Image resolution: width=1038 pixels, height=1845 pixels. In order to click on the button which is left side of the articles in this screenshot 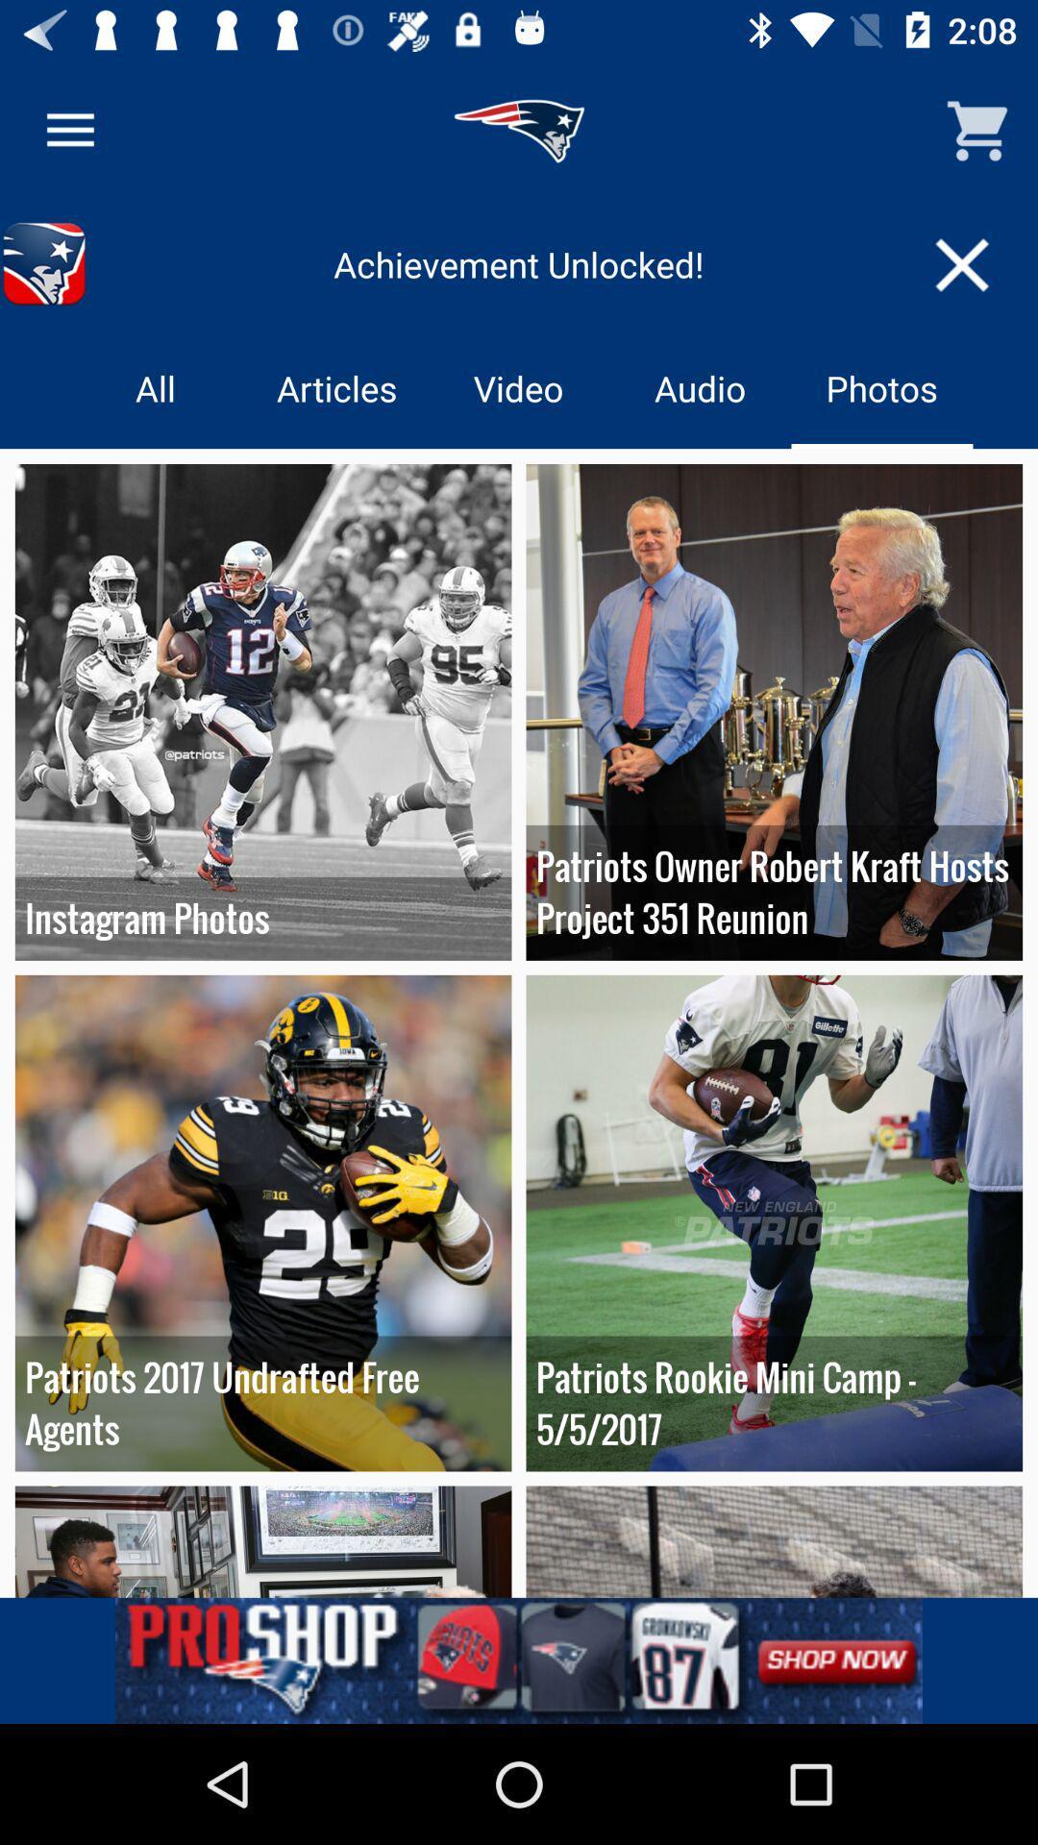, I will do `click(155, 386)`.